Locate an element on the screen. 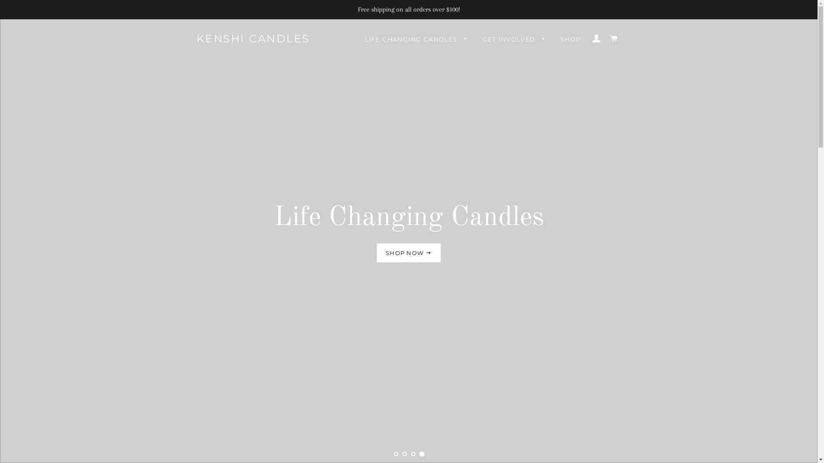  '3' is located at coordinates (412, 453).